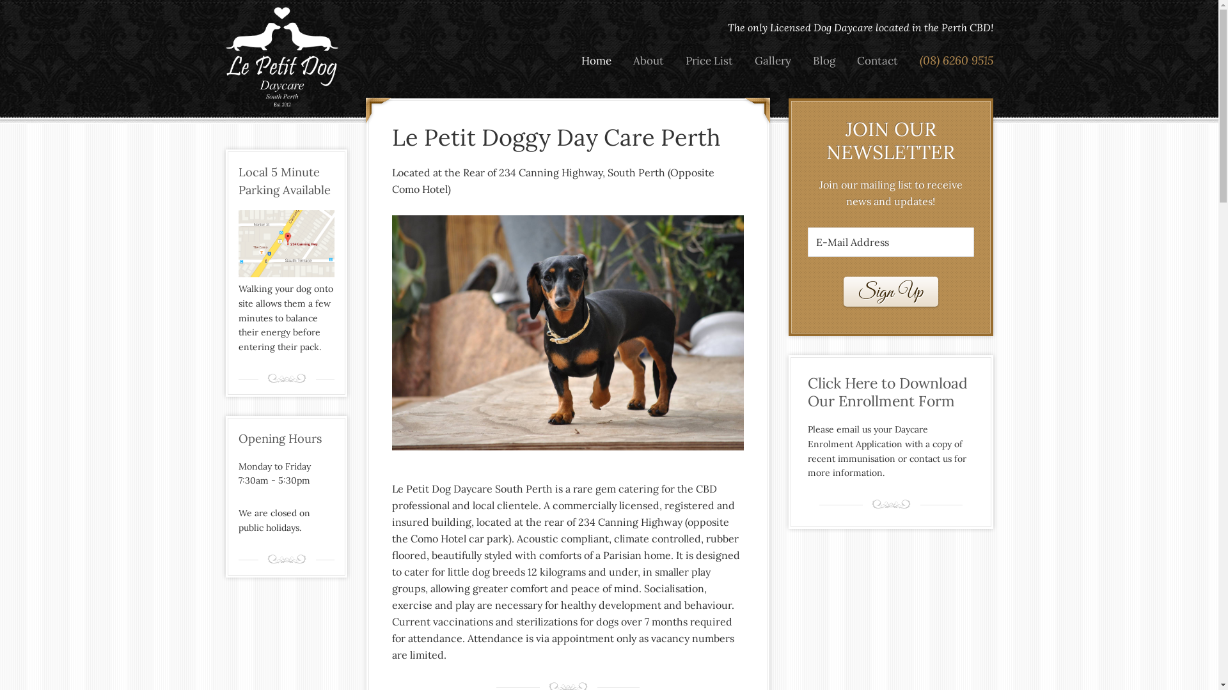  Describe the element at coordinates (890, 291) in the screenshot. I see `'Sign Up'` at that location.